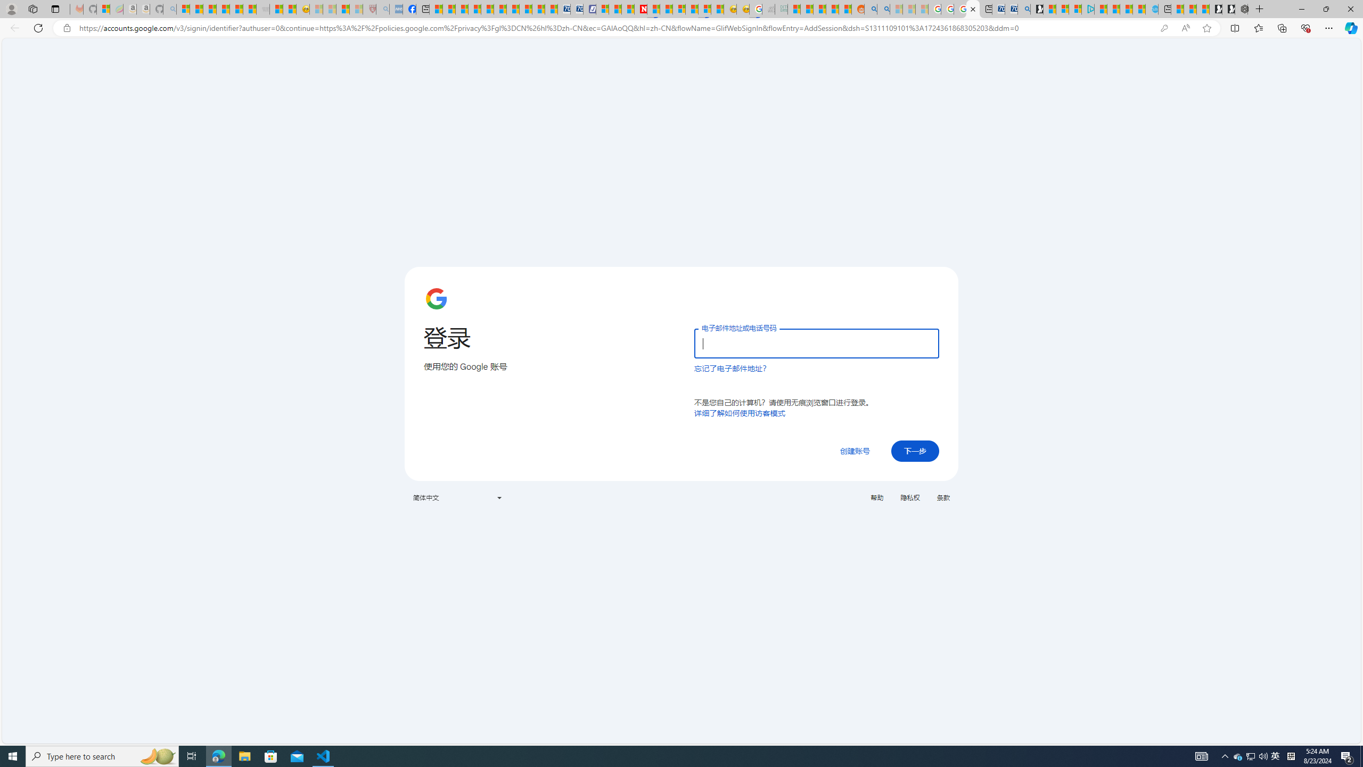 The image size is (1363, 767). What do you see at coordinates (1023, 9) in the screenshot?
I see `'Bing Real Estate - Home sales and rental listings'` at bounding box center [1023, 9].